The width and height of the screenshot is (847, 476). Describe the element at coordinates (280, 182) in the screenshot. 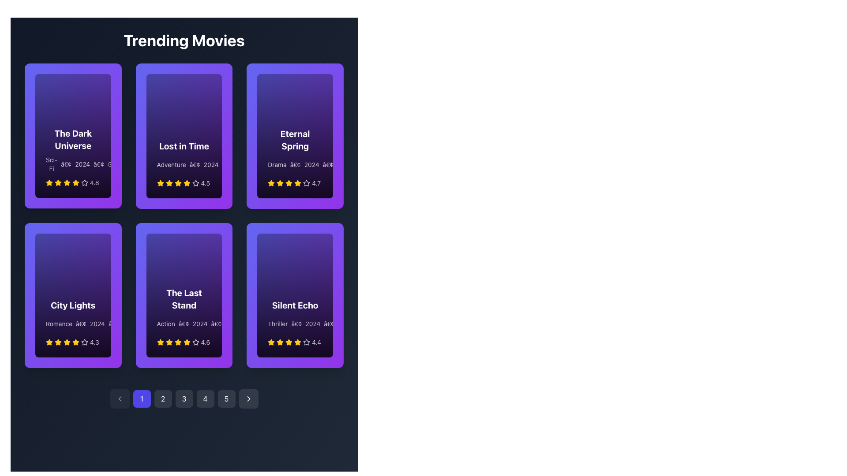

I see `the second star-shaped icon with a yellow fill and stroke outline, located below the movie title 'Eternal Spring' in the trending movies grid to interact with the rating system` at that location.